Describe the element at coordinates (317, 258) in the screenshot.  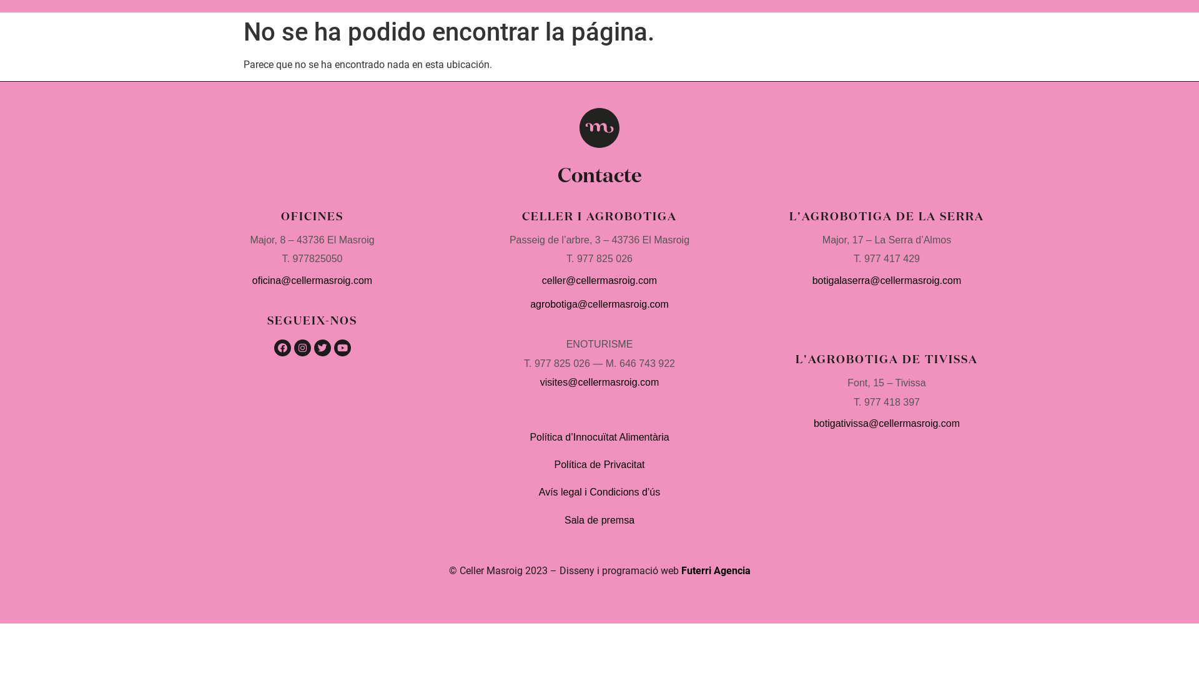
I see `'977825050'` at that location.